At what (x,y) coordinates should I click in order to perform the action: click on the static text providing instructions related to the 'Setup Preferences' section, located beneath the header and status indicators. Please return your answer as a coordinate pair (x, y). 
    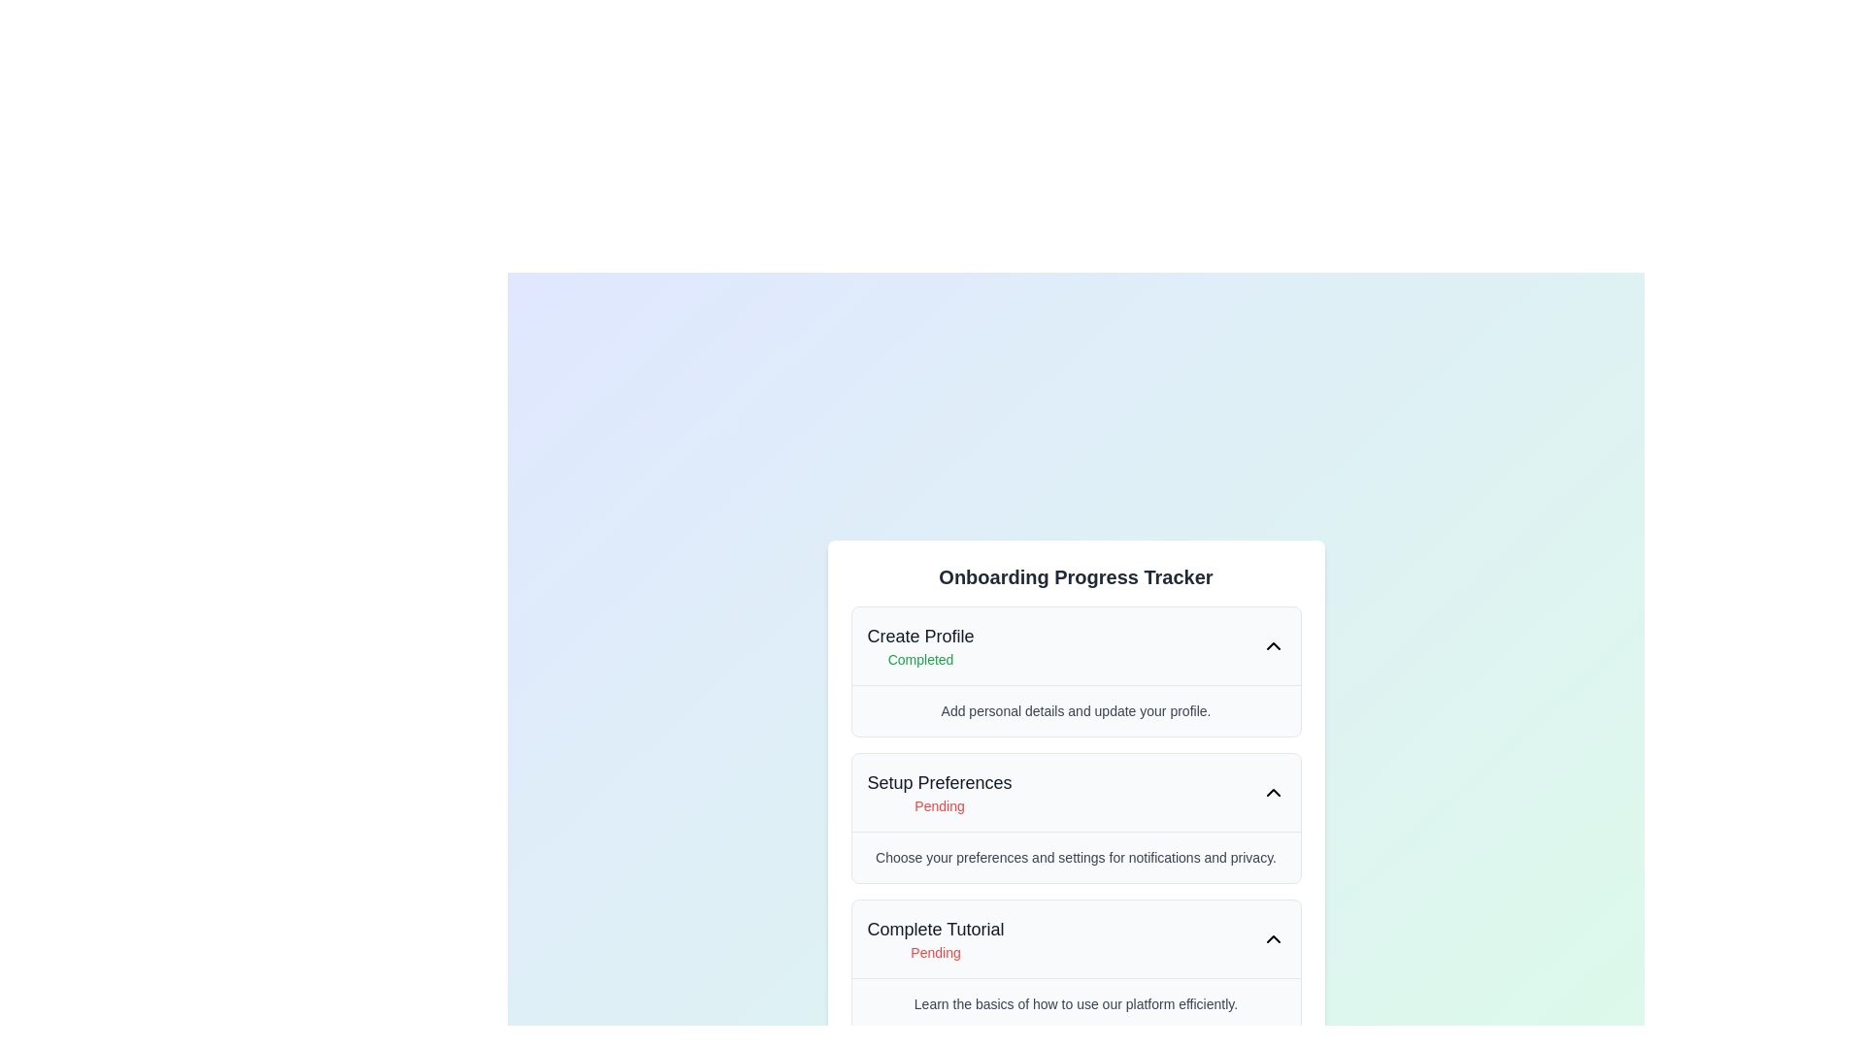
    Looking at the image, I should click on (1075, 856).